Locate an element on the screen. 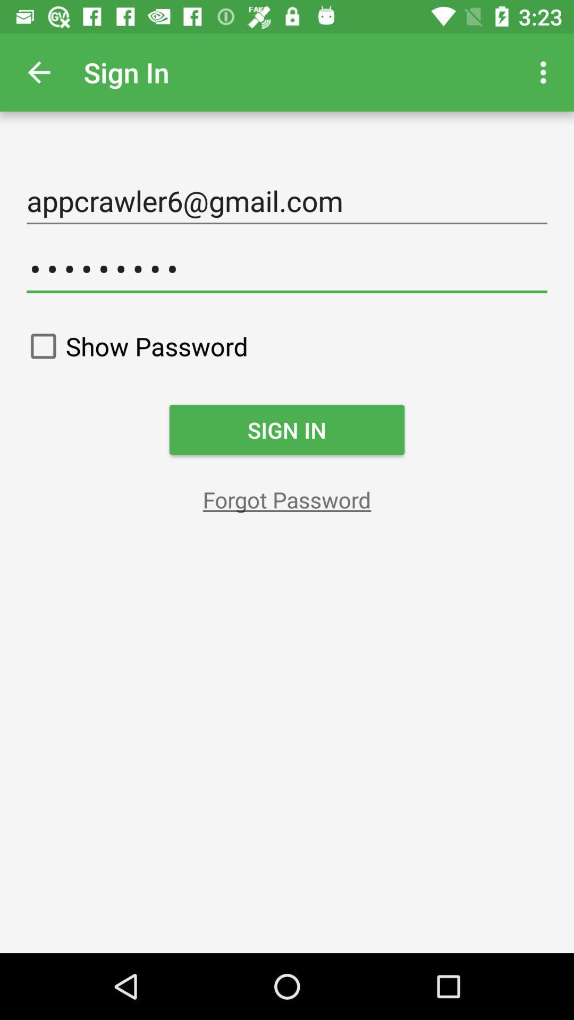 This screenshot has width=574, height=1020. crowd3116 is located at coordinates (287, 269).